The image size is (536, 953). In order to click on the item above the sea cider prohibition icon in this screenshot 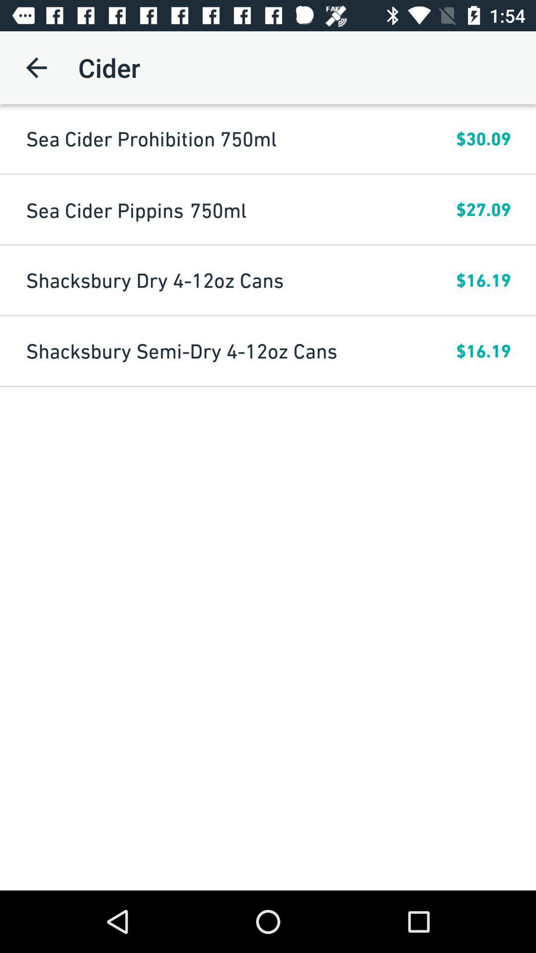, I will do `click(36, 67)`.